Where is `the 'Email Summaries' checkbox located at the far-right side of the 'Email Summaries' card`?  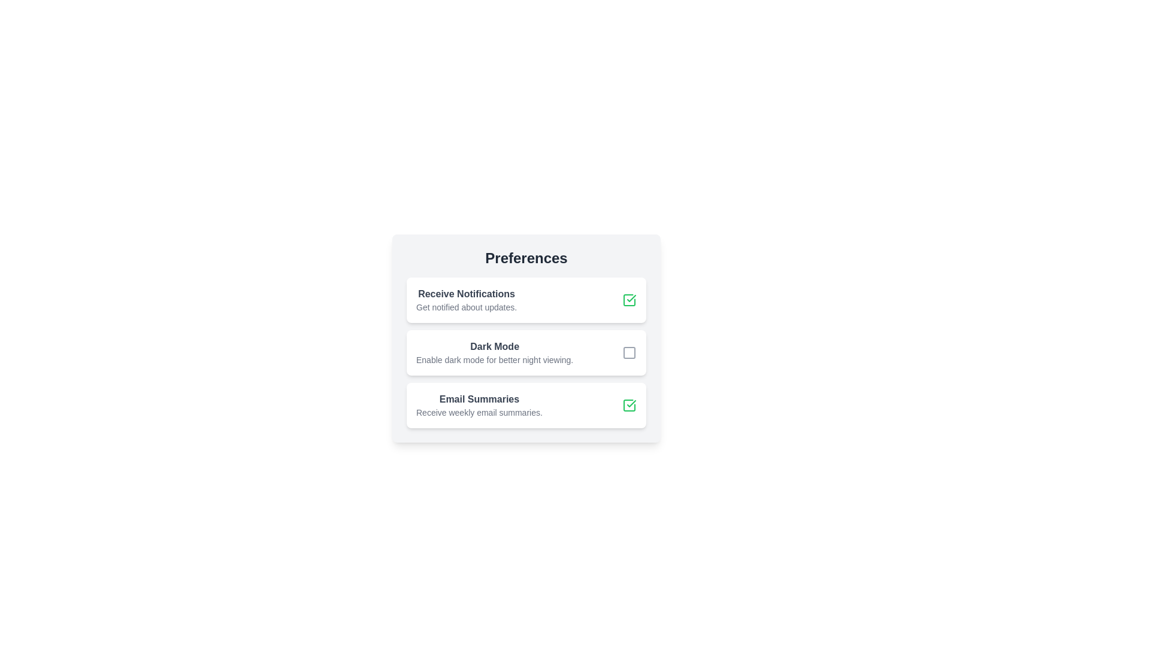 the 'Email Summaries' checkbox located at the far-right side of the 'Email Summaries' card is located at coordinates (629, 405).